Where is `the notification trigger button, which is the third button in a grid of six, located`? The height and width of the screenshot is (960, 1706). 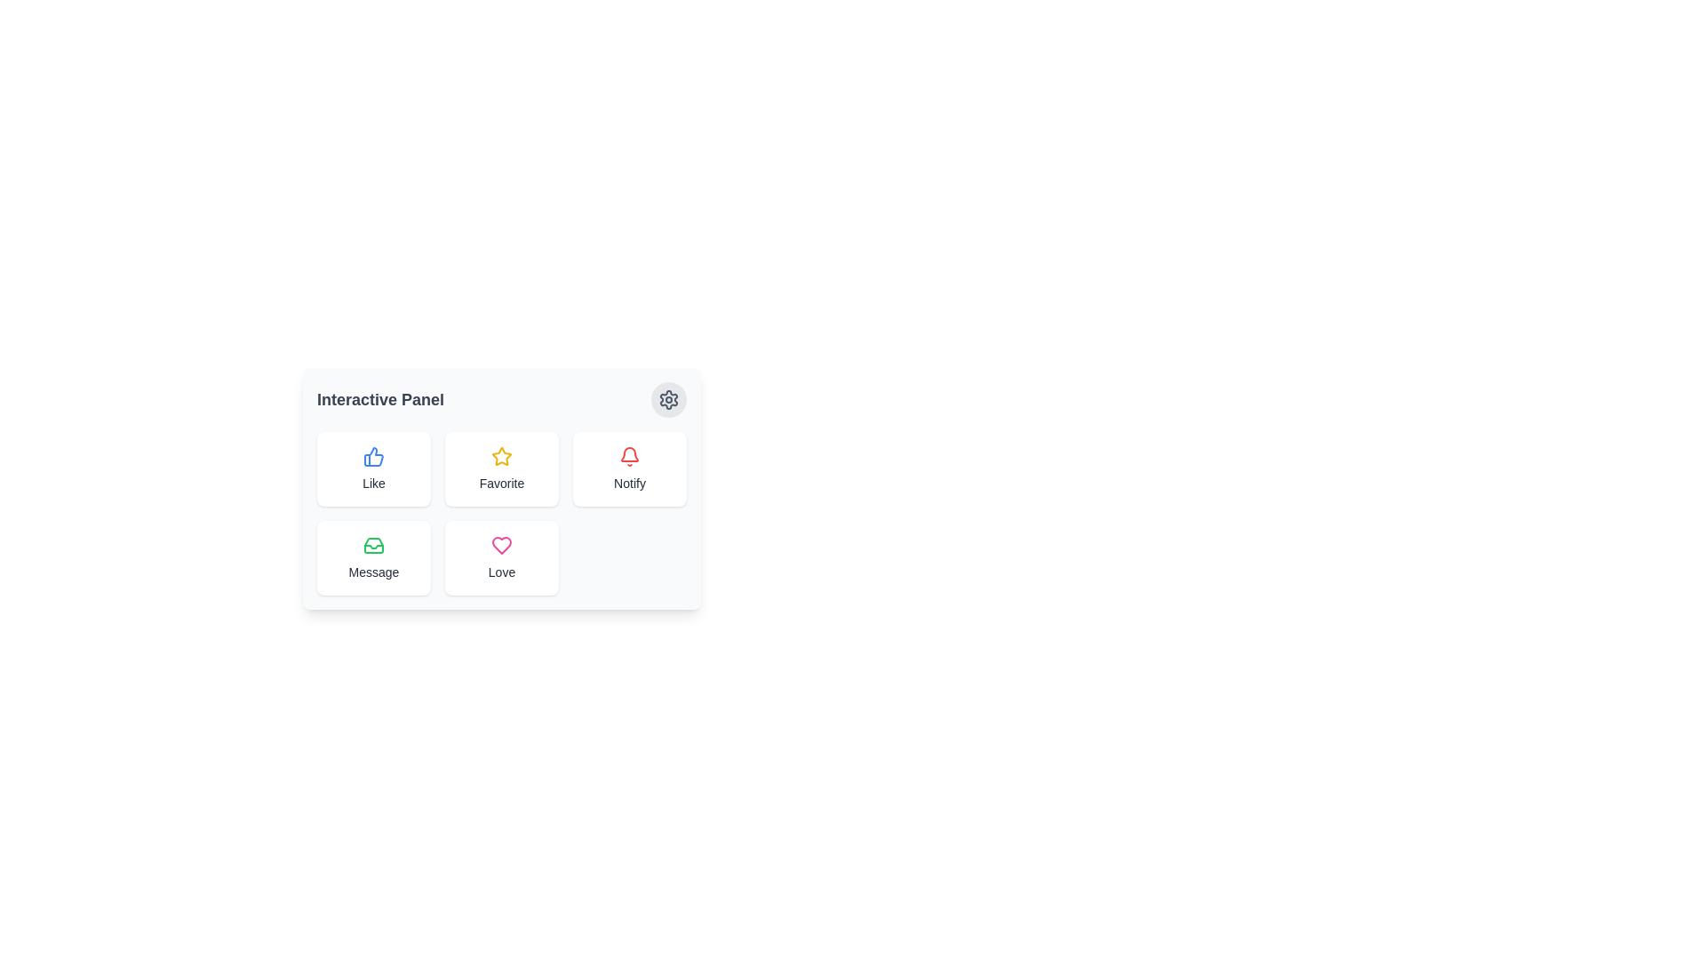
the notification trigger button, which is the third button in a grid of six, located is located at coordinates (630, 468).